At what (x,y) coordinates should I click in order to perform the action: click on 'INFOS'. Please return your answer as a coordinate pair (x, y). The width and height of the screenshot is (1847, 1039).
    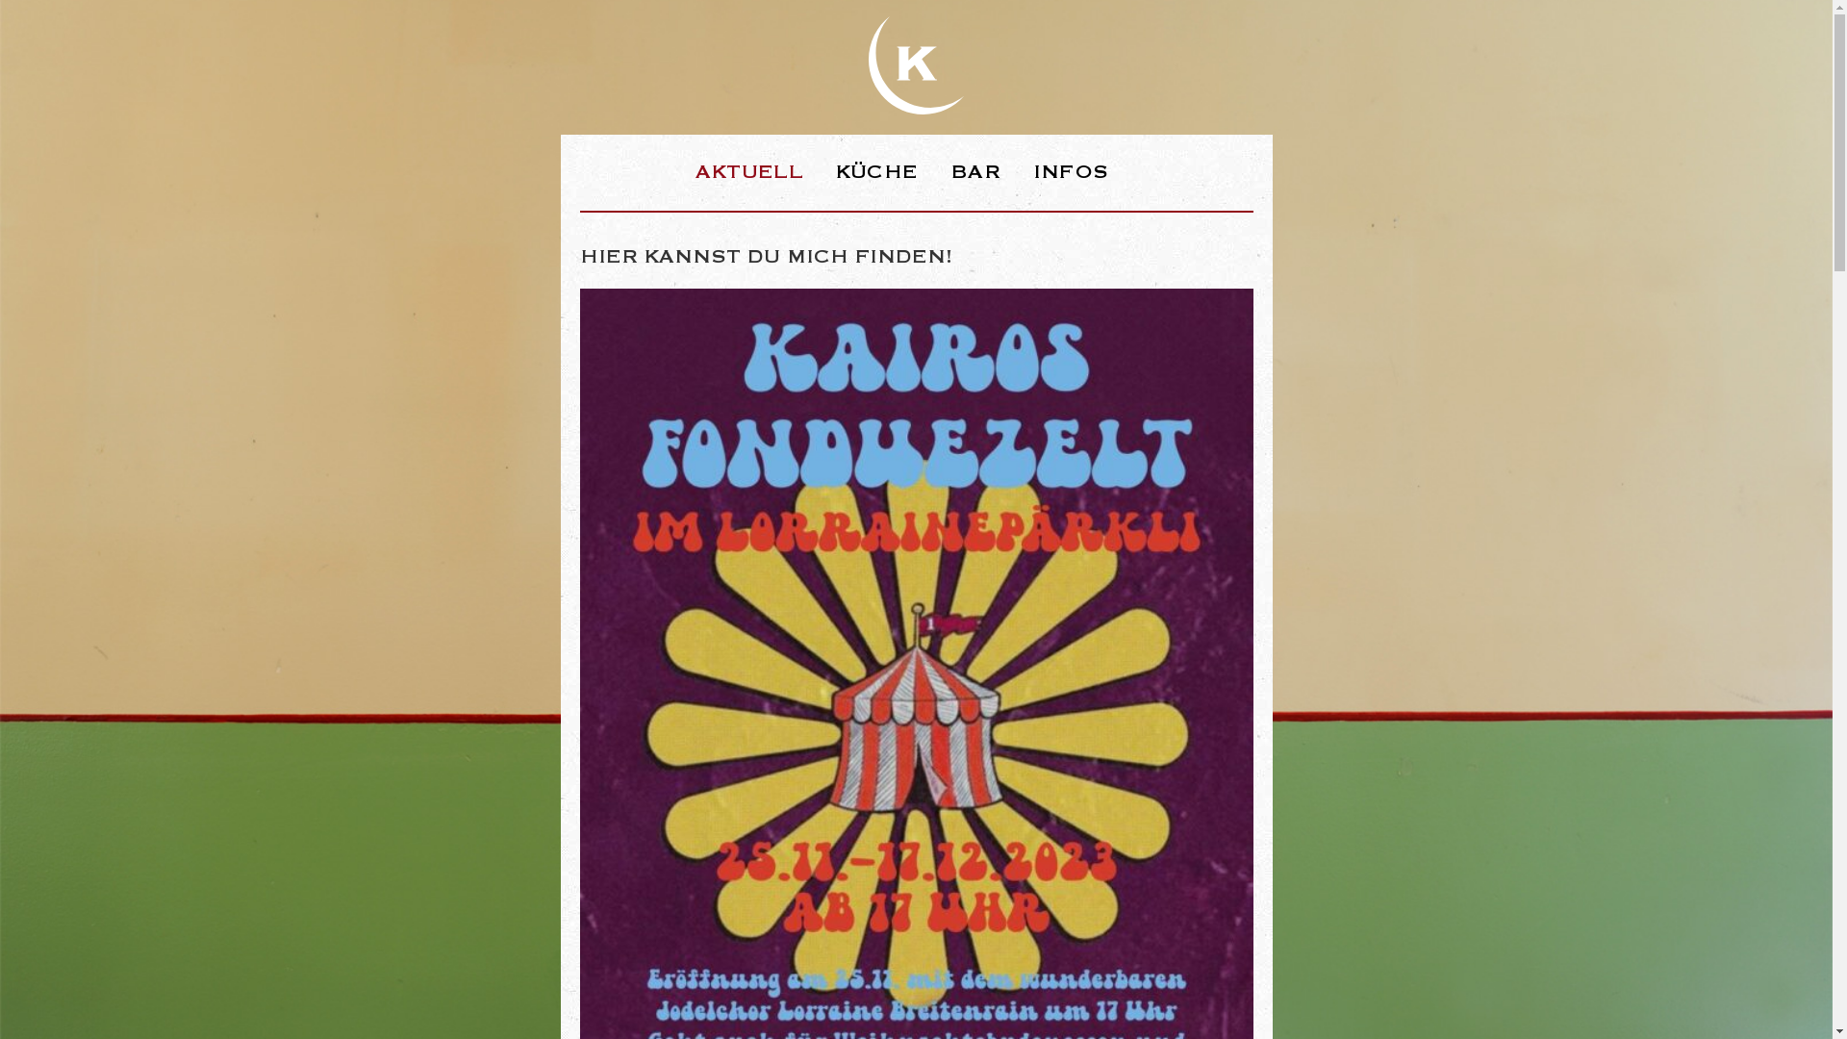
    Looking at the image, I should click on (1070, 170).